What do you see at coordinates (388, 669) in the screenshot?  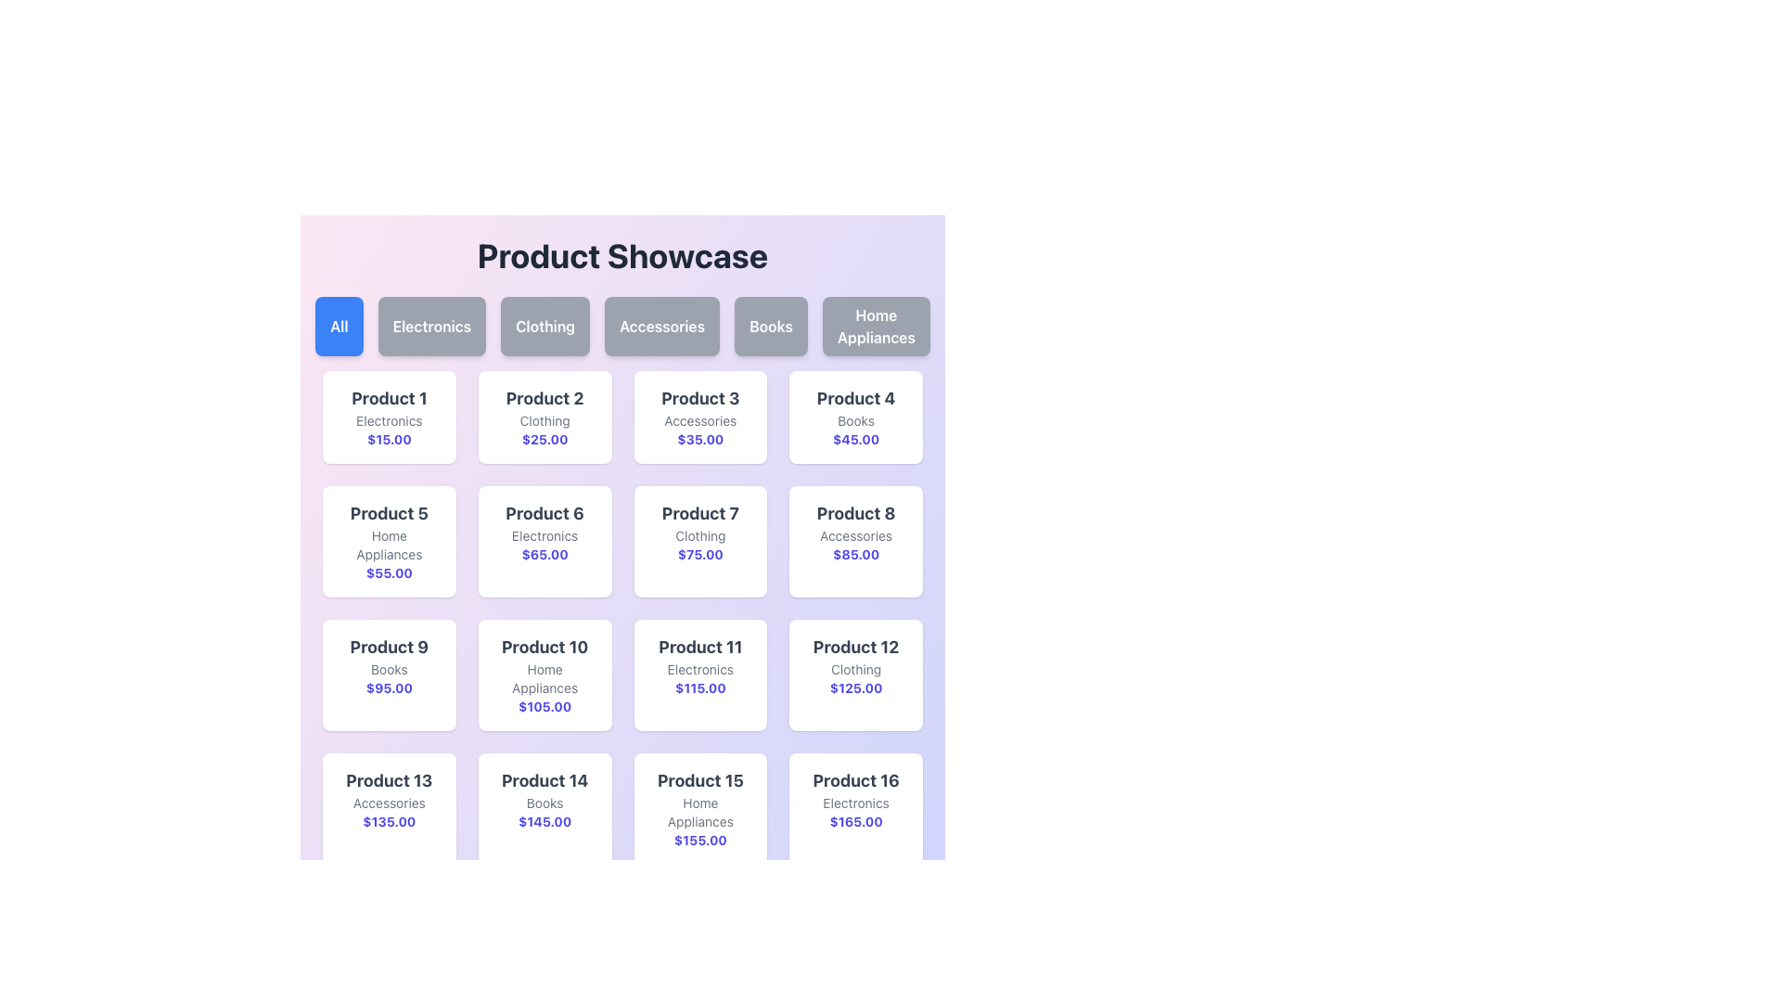 I see `the 'Books' category text label, which is the middle line within the card titled 'Product 9' located in the third row and first column of the grid layout` at bounding box center [388, 669].